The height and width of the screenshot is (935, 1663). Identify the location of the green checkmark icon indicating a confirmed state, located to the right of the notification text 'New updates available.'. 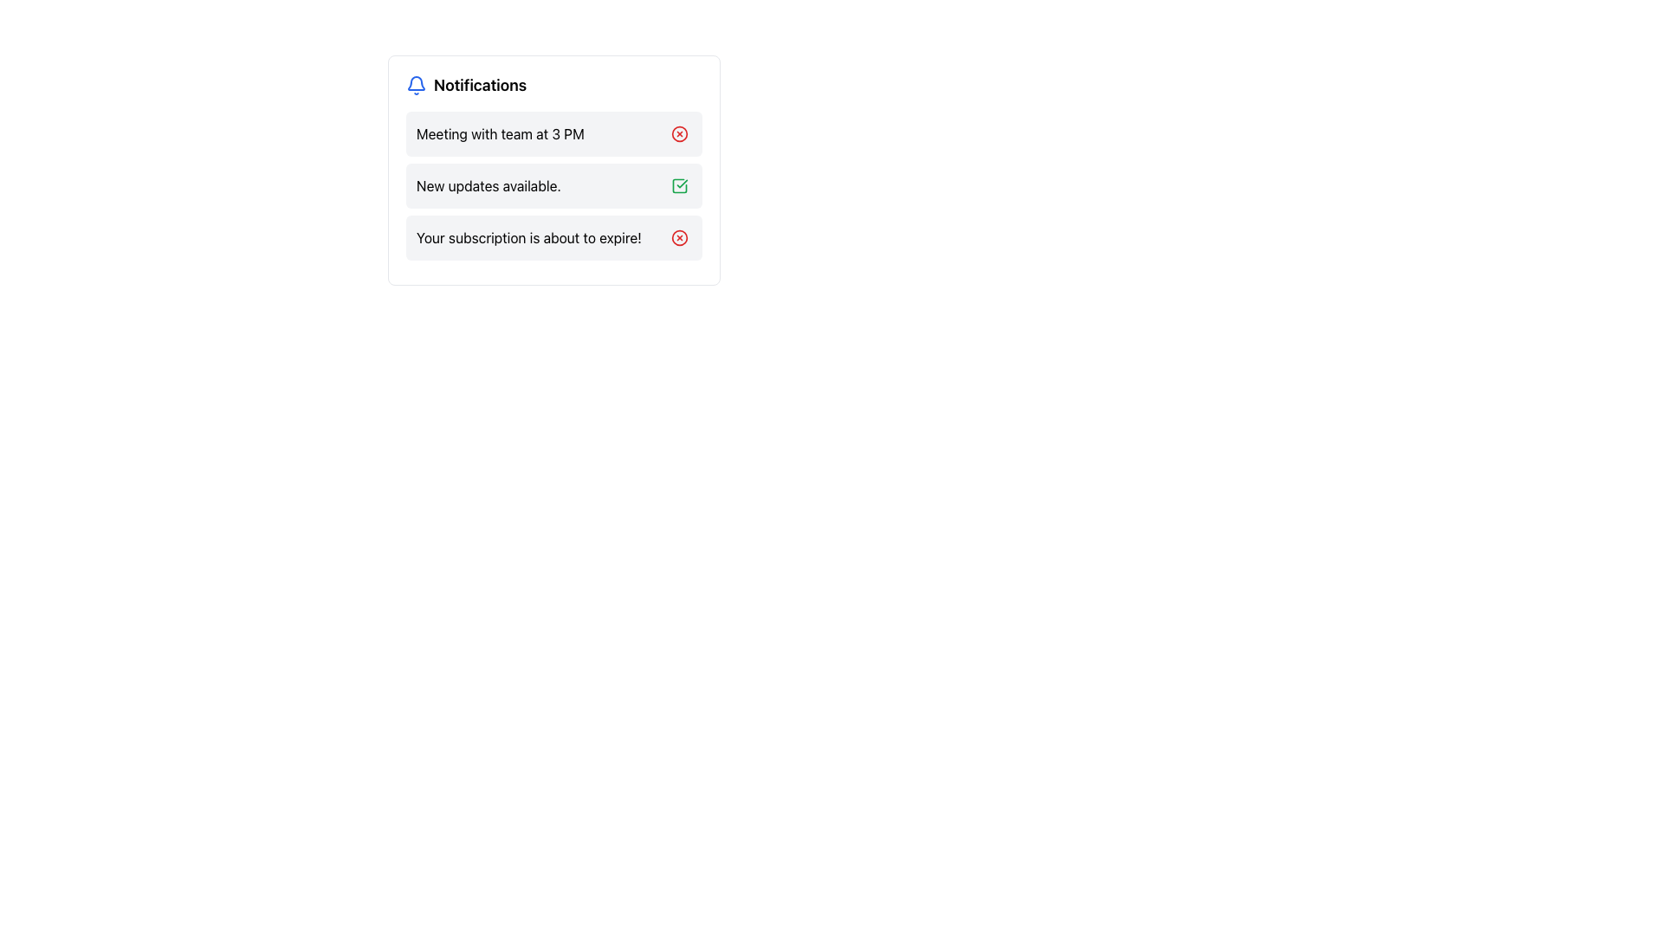
(679, 186).